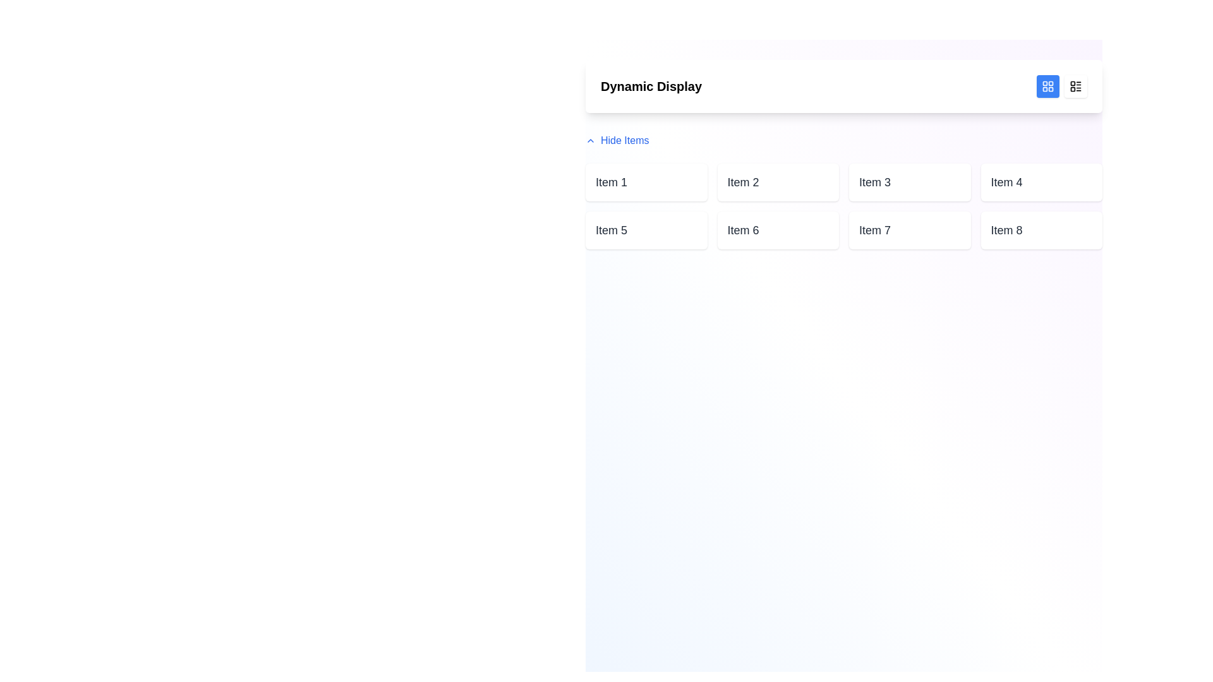 This screenshot has width=1213, height=682. I want to click on the grid layout icon located in the top-right corner of the interface, which is styled with a blue background and comprises a 2x2 arrangement of small squares with rounded edges, so click(1048, 86).